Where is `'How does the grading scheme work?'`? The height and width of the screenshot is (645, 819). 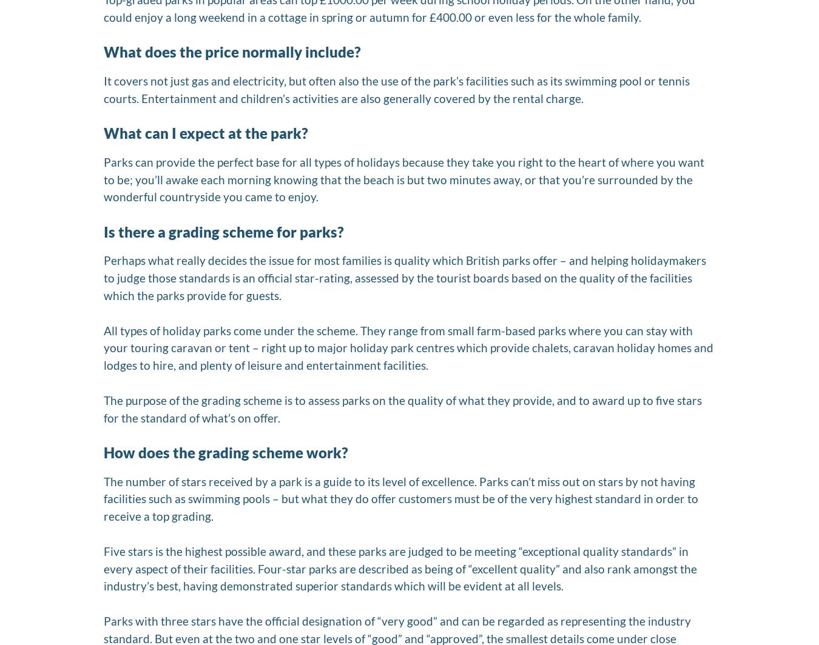
'How does the grading scheme work?' is located at coordinates (226, 452).